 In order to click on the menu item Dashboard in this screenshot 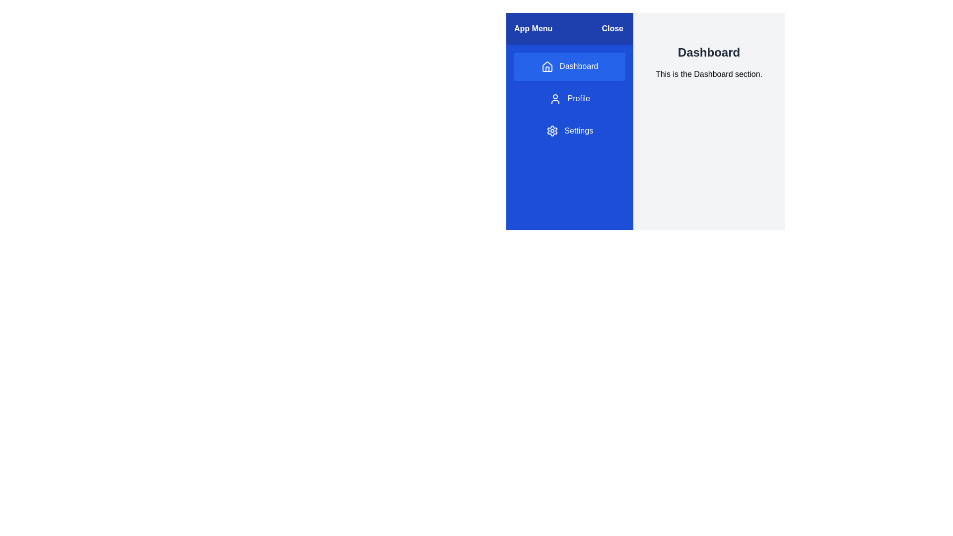, I will do `click(569, 67)`.